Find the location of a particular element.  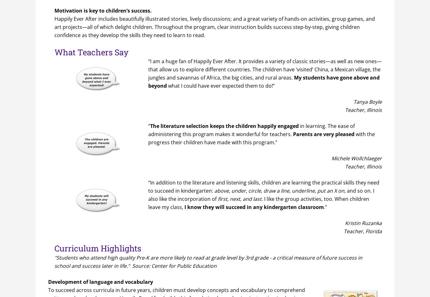

'Parents are very pleased' is located at coordinates (323, 134).